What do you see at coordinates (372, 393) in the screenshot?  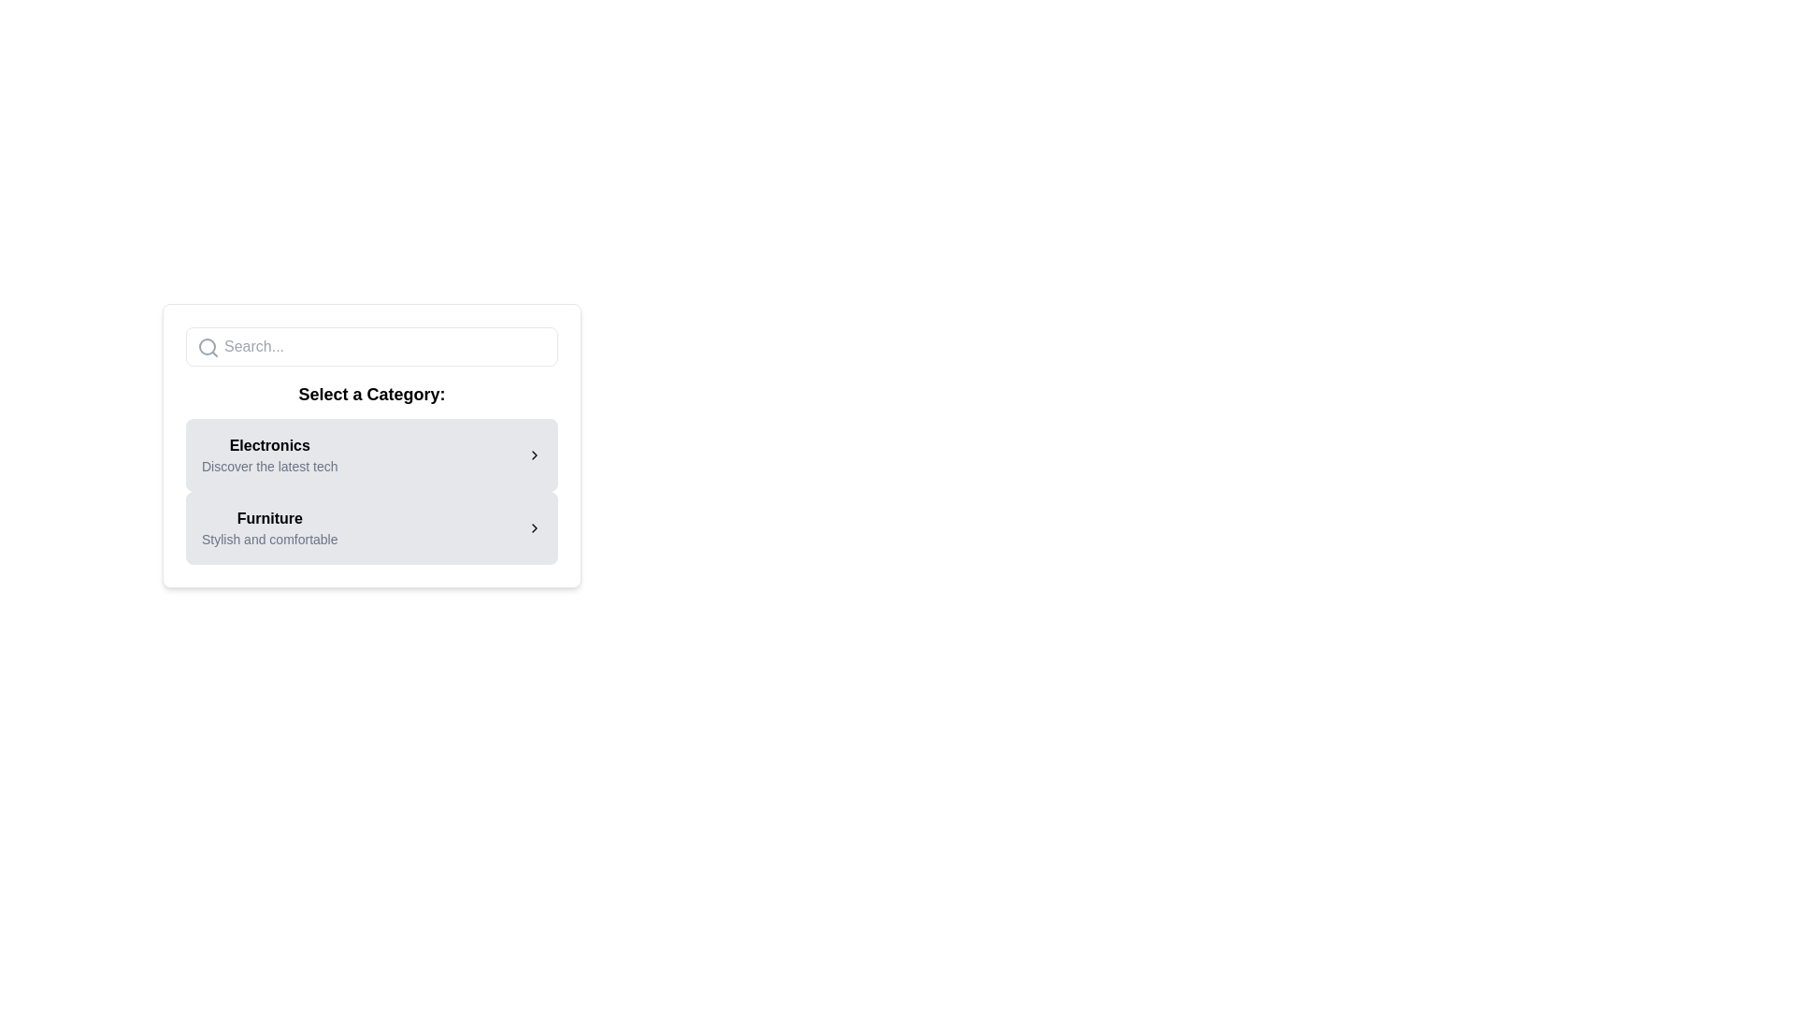 I see `the heading element that introduces the user to the category selection interface, positioned beneath the search bar and above the categories 'Electronics' and 'Furniture'` at bounding box center [372, 393].